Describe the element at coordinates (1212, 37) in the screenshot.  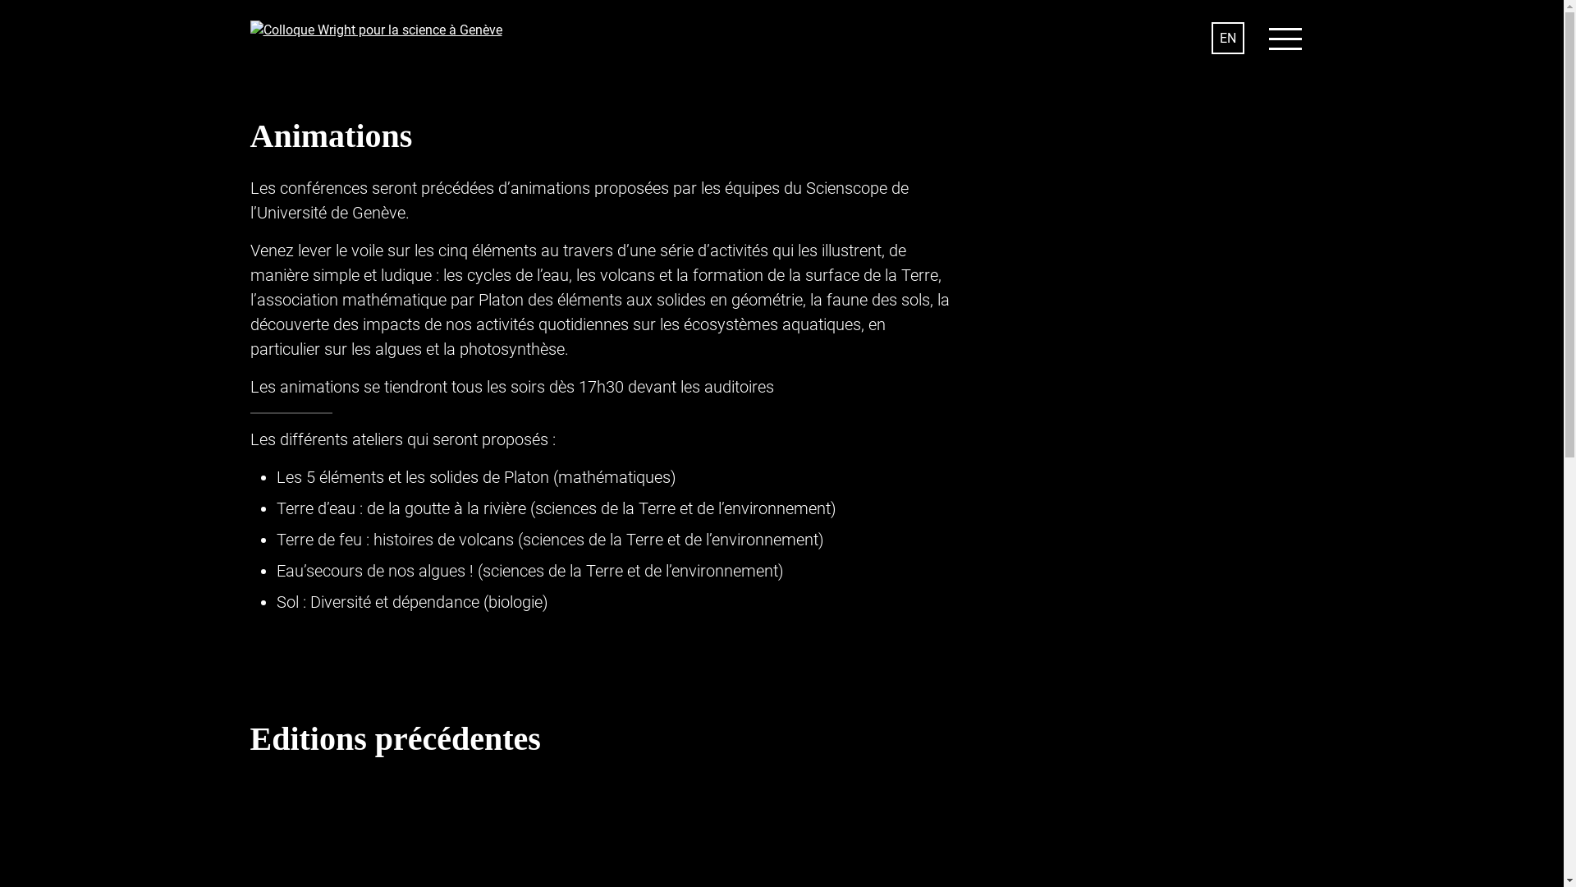
I see `'EN'` at that location.